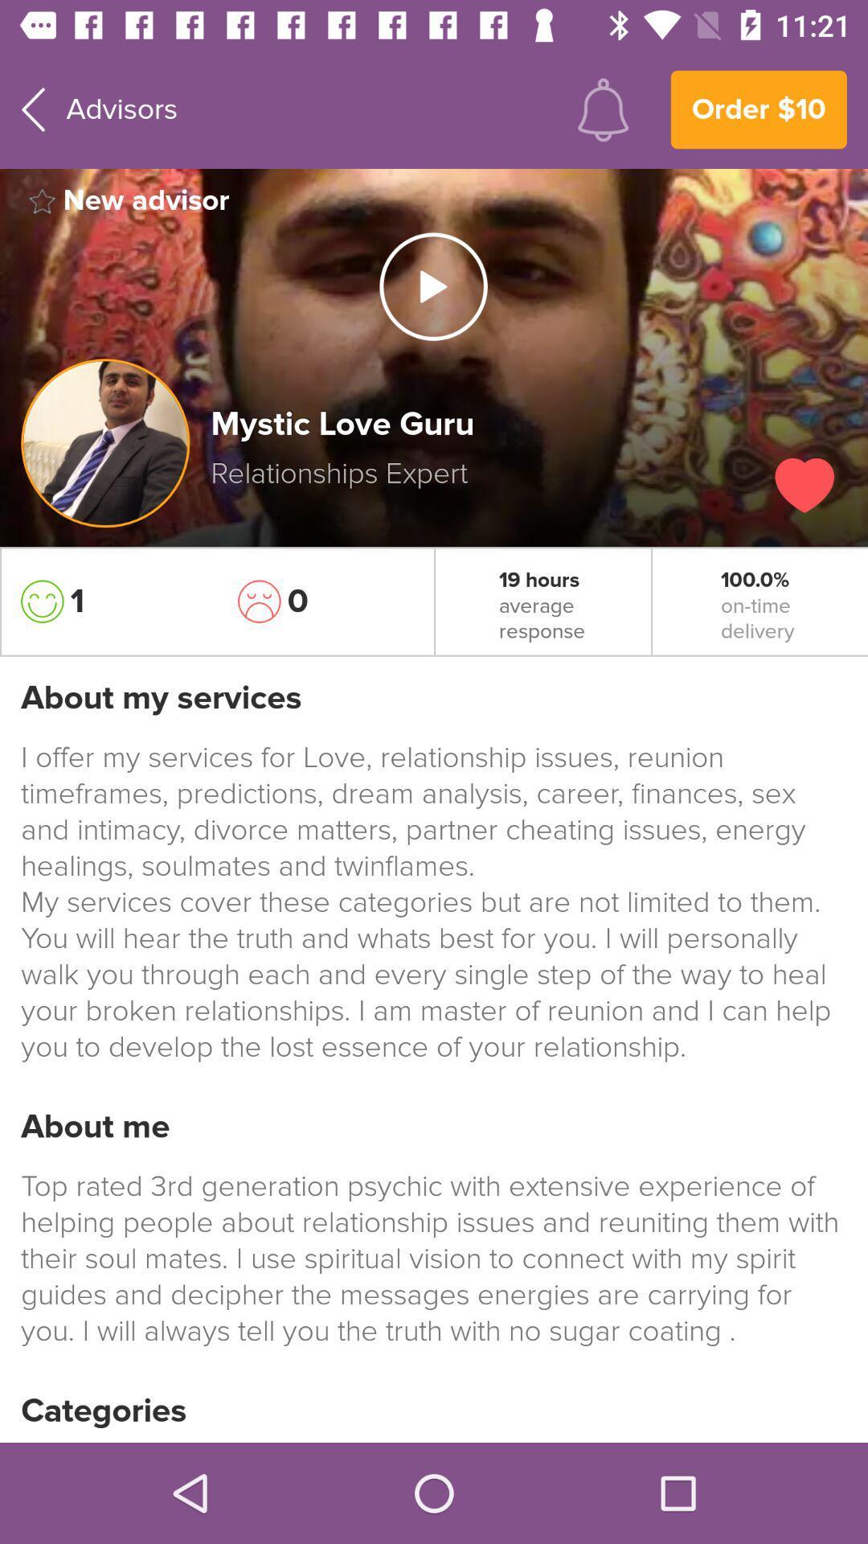 The height and width of the screenshot is (1544, 868). I want to click on icon next to new advisor item, so click(432, 286).